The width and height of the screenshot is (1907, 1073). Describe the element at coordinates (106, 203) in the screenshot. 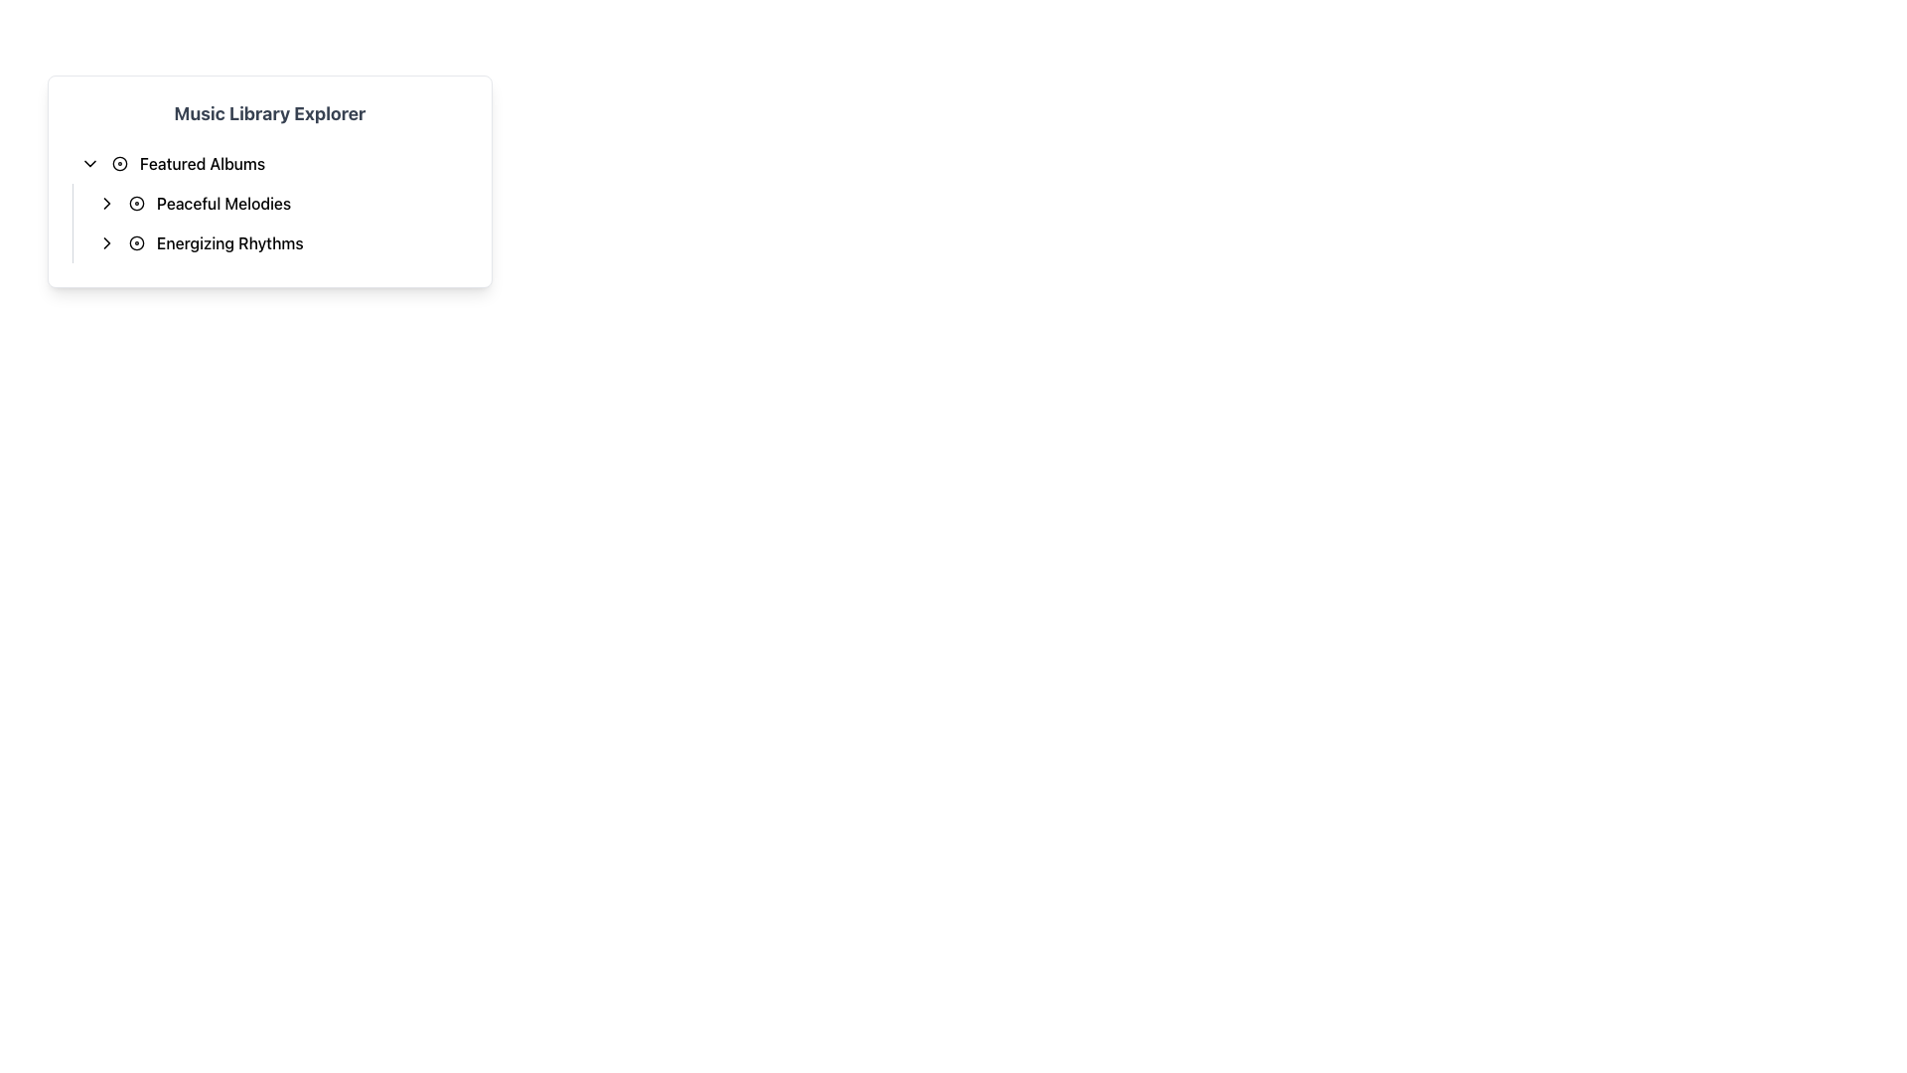

I see `the chevron icon next to 'Peaceful Melodies' in the 'Music Library Explorer' interface` at that location.